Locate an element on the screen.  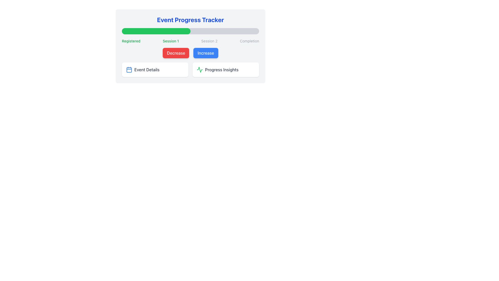
the text label that reads 'Completion', which is styled in gray and is the last element in a sequence of text labels including 'Registered', 'Session 1', and 'Session 2' is located at coordinates (249, 41).